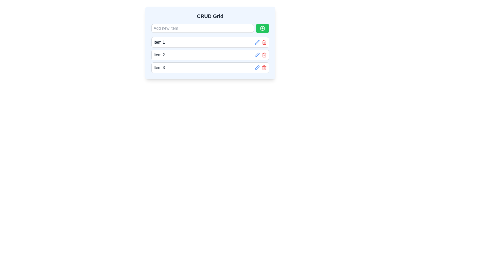 Image resolution: width=487 pixels, height=274 pixels. What do you see at coordinates (262, 28) in the screenshot?
I see `the action button located at the right end of the horizontal section in the CRUD Grid interface` at bounding box center [262, 28].